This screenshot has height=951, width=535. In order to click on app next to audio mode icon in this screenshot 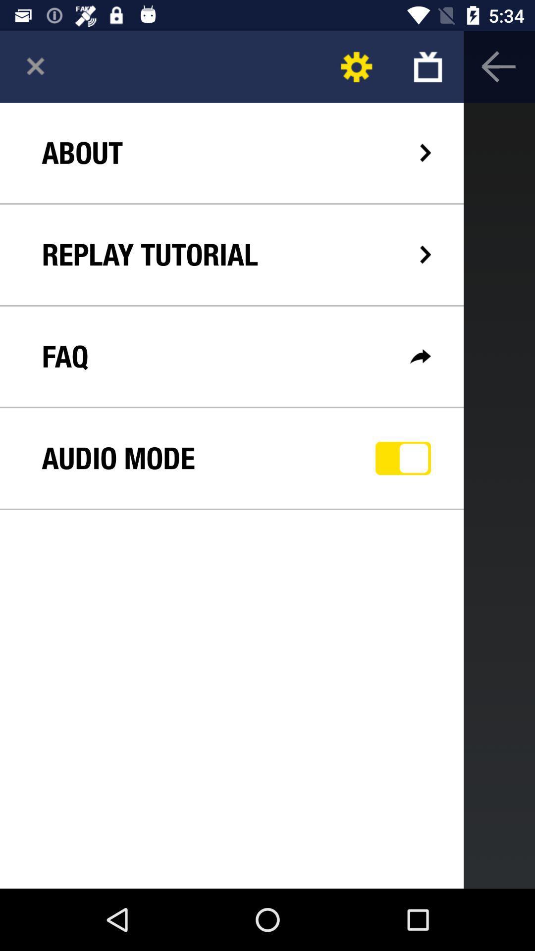, I will do `click(403, 458)`.